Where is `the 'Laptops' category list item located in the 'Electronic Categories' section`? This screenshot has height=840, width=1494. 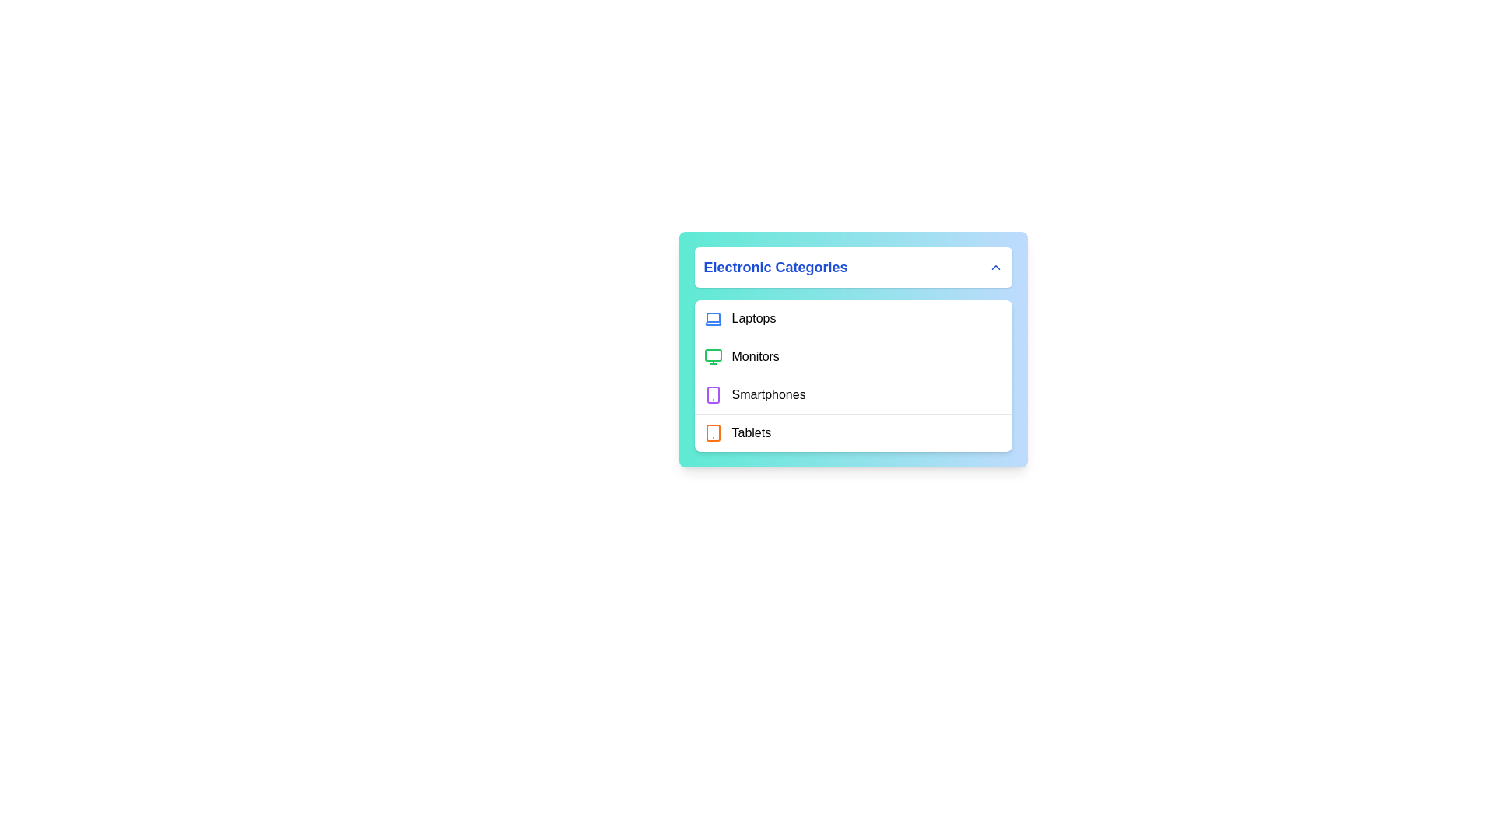 the 'Laptops' category list item located in the 'Electronic Categories' section is located at coordinates (852, 317).